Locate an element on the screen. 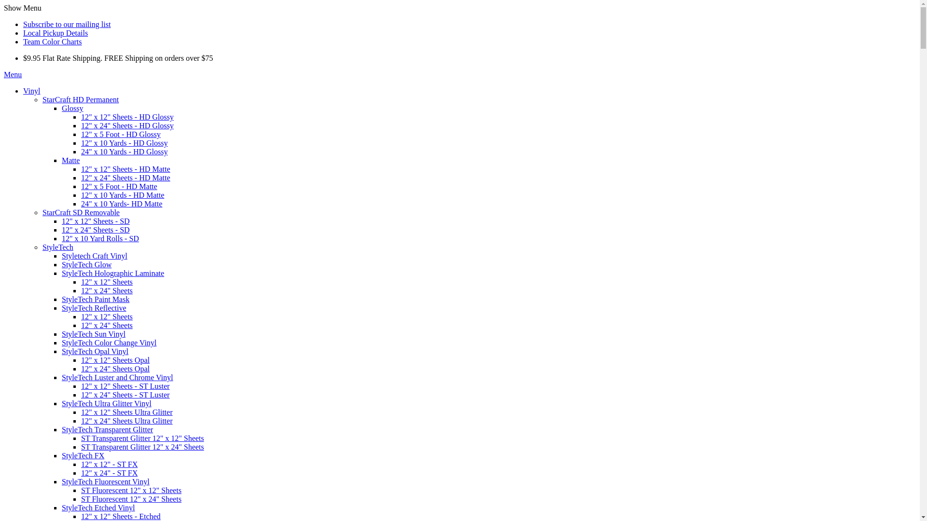  'StyleTech' is located at coordinates (42, 247).